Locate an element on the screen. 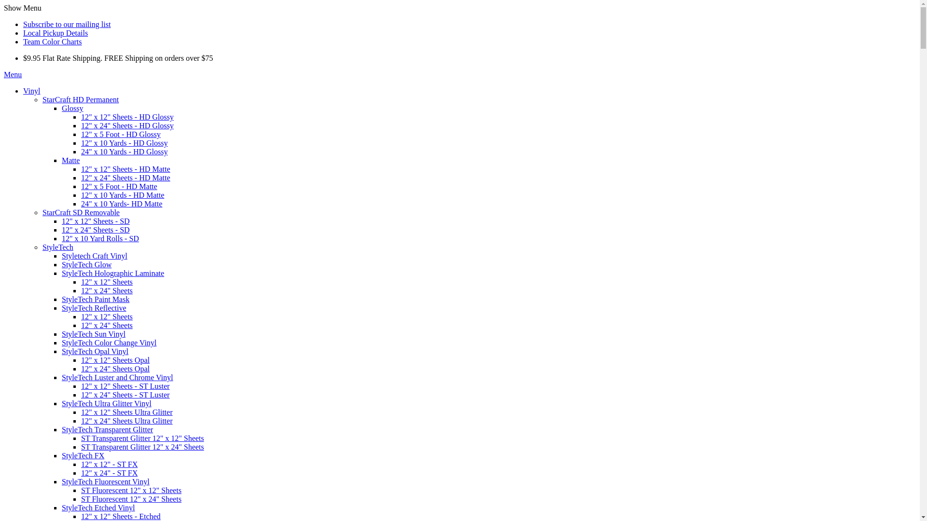  'StyleTech' is located at coordinates (42, 247).